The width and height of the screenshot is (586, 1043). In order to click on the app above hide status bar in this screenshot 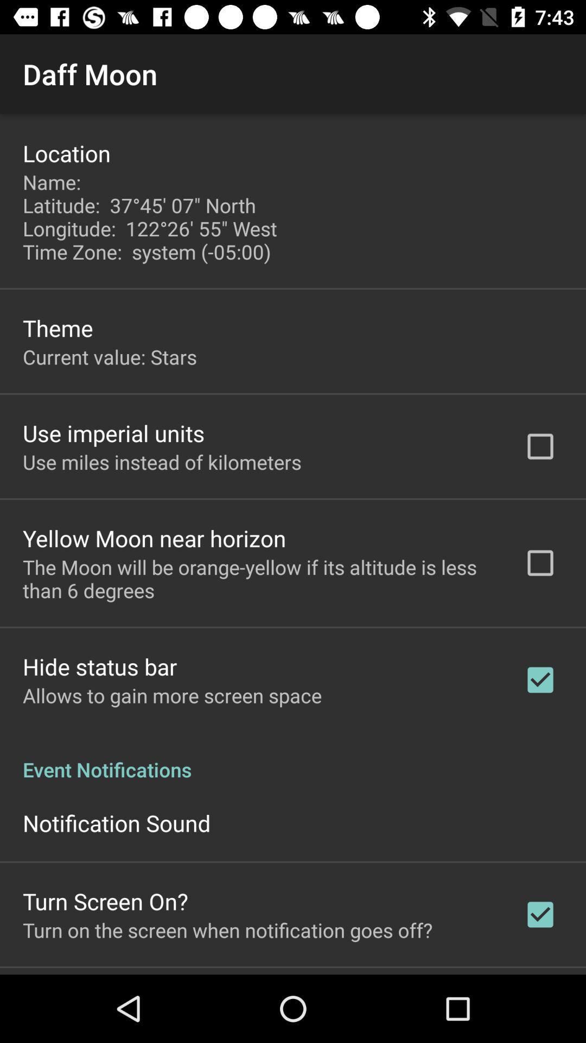, I will do `click(259, 578)`.